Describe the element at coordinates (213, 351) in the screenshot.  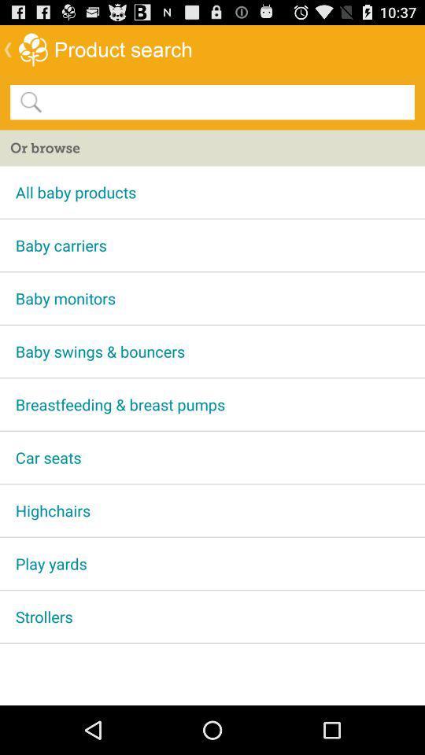
I see `the icon below baby monitors icon` at that location.